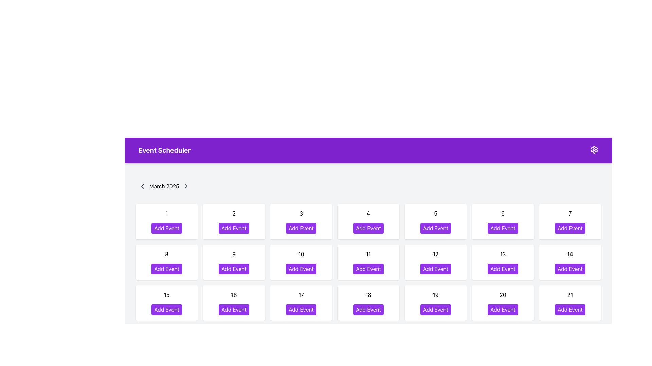 The image size is (652, 366). What do you see at coordinates (503, 310) in the screenshot?
I see `the 'Add Event' button with a purple background located in the bottom-center of the date card for the date '20'` at bounding box center [503, 310].